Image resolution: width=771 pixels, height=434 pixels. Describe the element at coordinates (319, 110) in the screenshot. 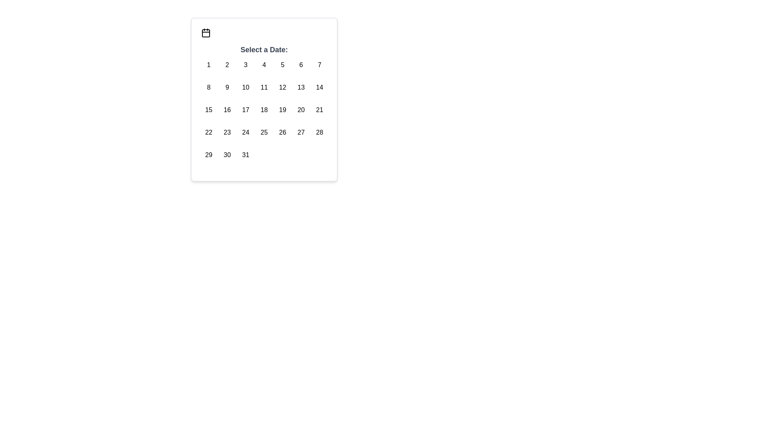

I see `the selectable day button representing the 21st in the date picker interface` at that location.